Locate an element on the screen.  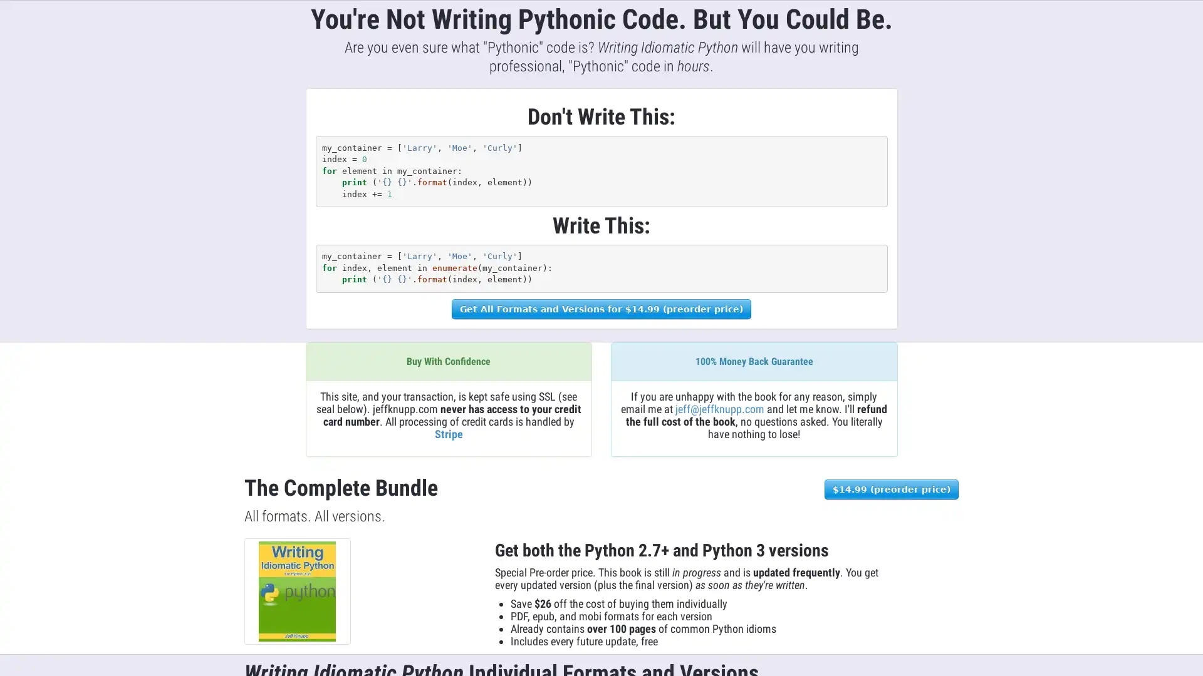
$14.99 (preorder price) is located at coordinates (890, 488).